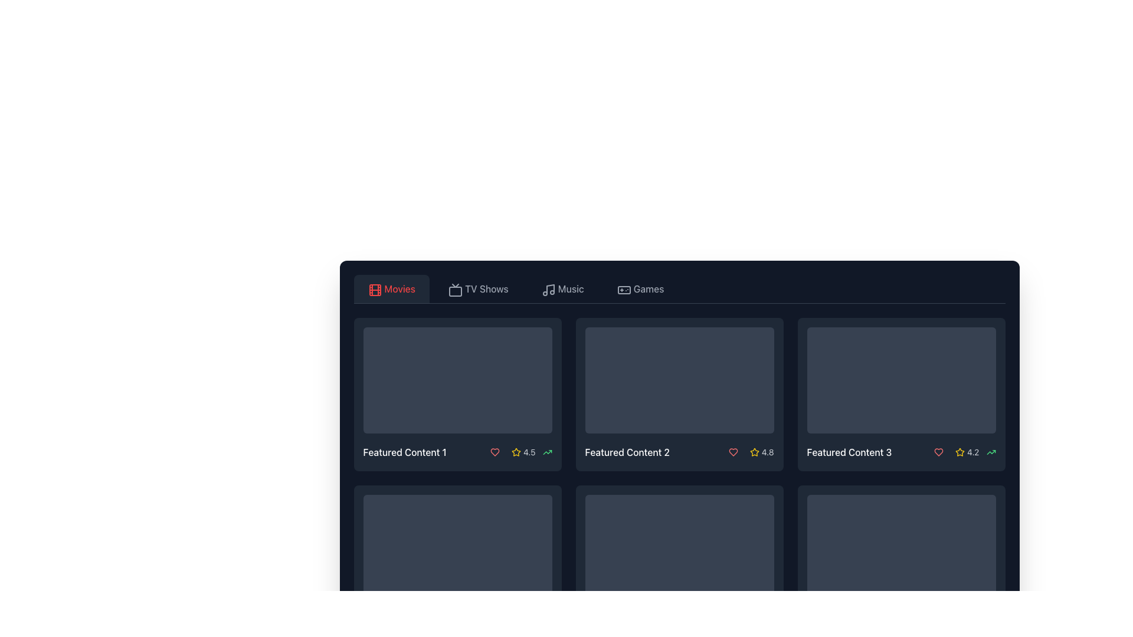  What do you see at coordinates (991, 452) in the screenshot?
I see `the trending status icon located at the bottom-right corner of the 'Featured Content 3' card, which indicates the popularity of the content` at bounding box center [991, 452].